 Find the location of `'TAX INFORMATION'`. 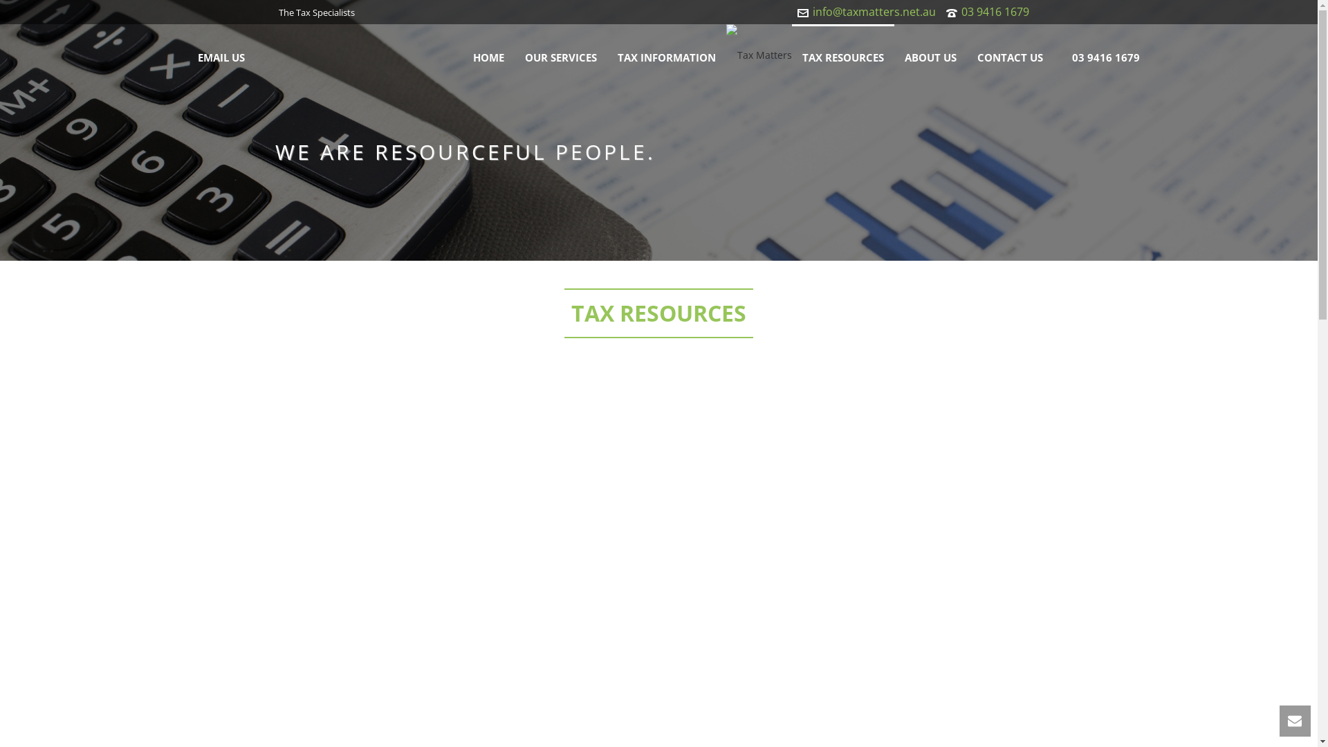

'TAX INFORMATION' is located at coordinates (667, 55).